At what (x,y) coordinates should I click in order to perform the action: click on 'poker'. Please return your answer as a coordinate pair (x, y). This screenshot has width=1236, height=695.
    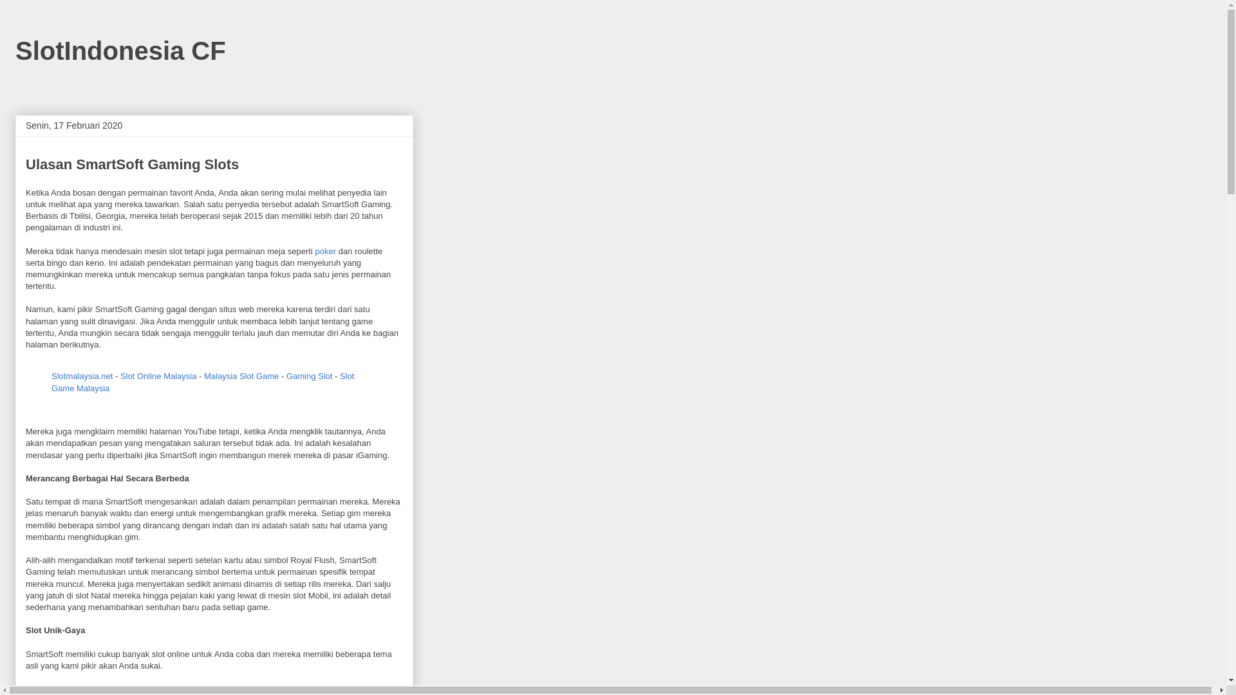
    Looking at the image, I should click on (325, 251).